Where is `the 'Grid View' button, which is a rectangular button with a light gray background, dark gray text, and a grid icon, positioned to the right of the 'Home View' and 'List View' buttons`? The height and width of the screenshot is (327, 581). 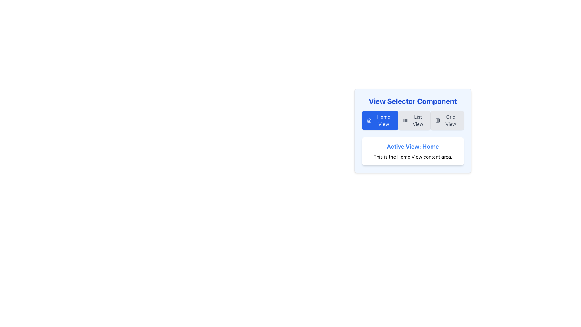
the 'Grid View' button, which is a rectangular button with a light gray background, dark gray text, and a grid icon, positioned to the right of the 'Home View' and 'List View' buttons is located at coordinates (447, 120).